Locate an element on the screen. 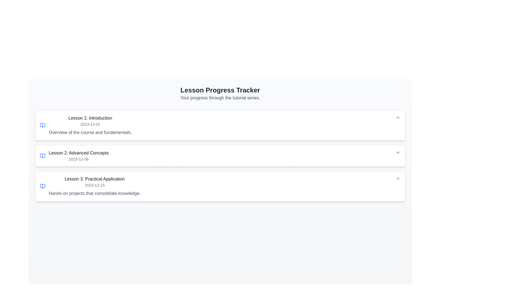 The width and height of the screenshot is (532, 299). the section header that indicates the progress tracker for lessons in the tutorial series, which is positioned at the top of the content area and spans the full width is located at coordinates (220, 98).